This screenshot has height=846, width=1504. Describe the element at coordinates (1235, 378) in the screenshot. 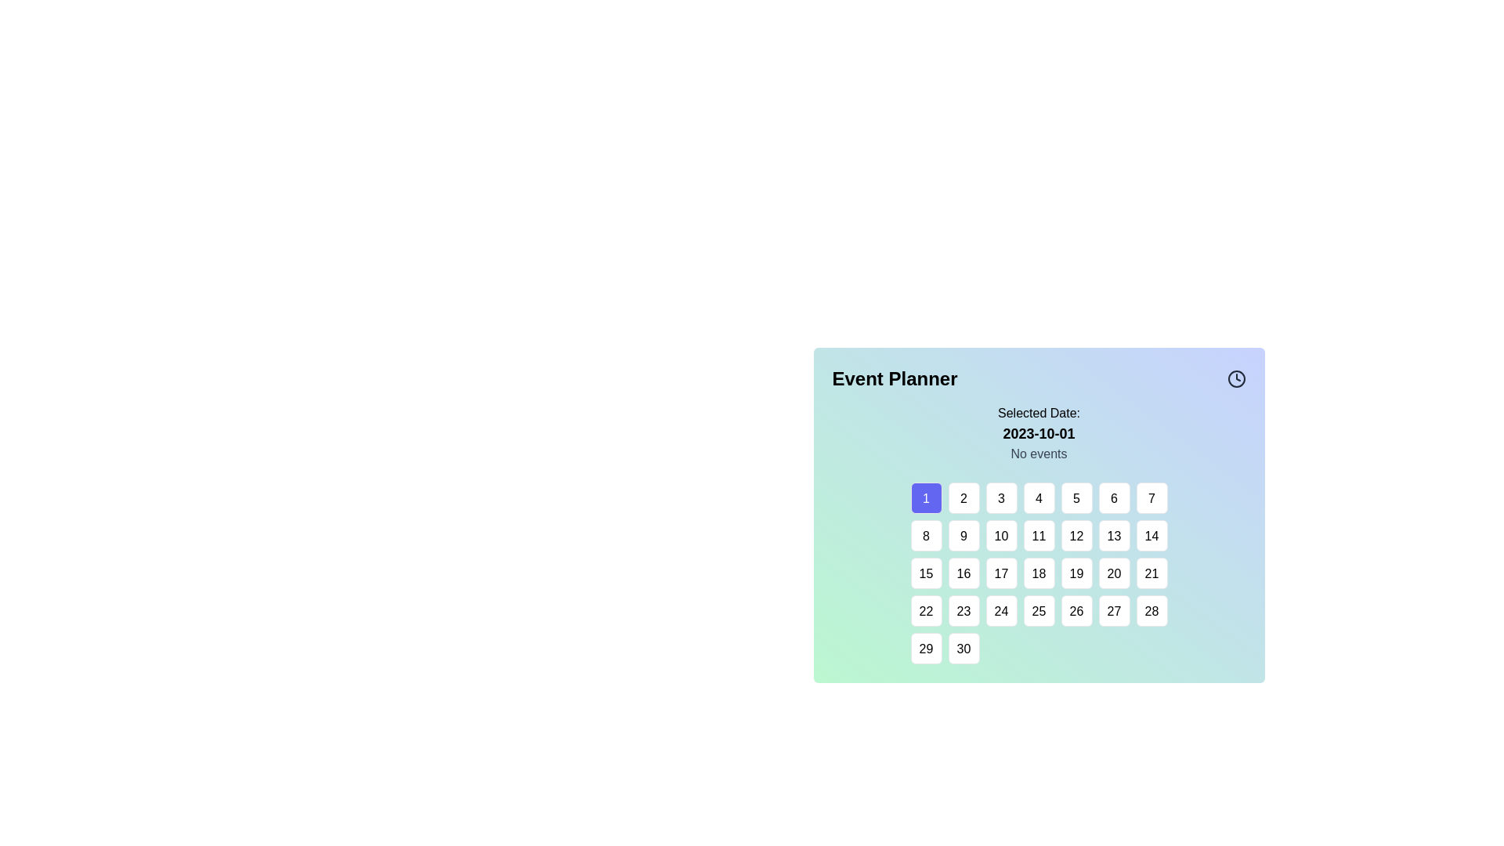

I see `the decorative icon located in the top-right corner of the 'Event Planner' title section, adjacent to the text 'Event Planner'` at that location.